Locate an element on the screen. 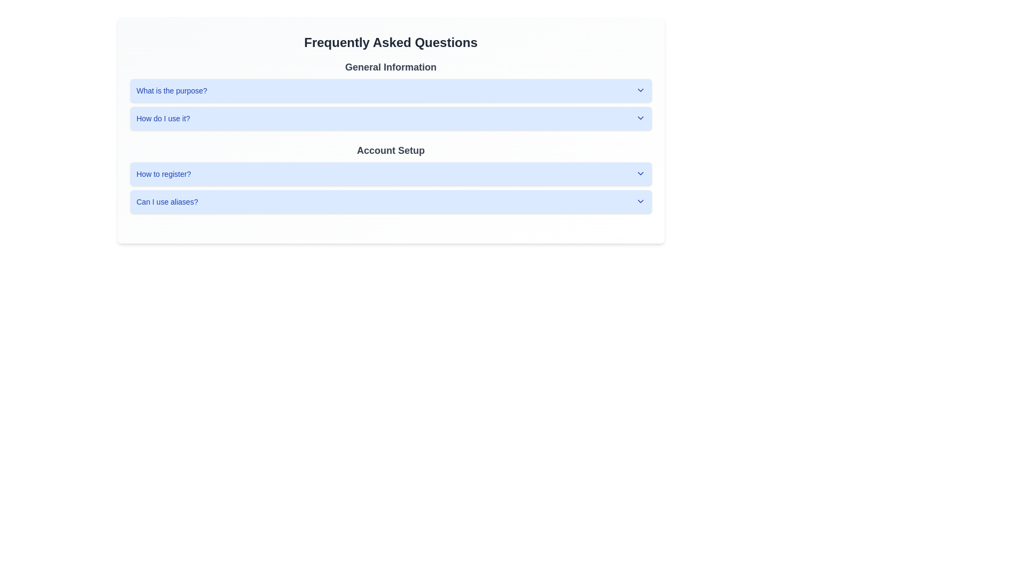  the Collapsible Button located as the second option under the 'General Information' section is located at coordinates (390, 119).